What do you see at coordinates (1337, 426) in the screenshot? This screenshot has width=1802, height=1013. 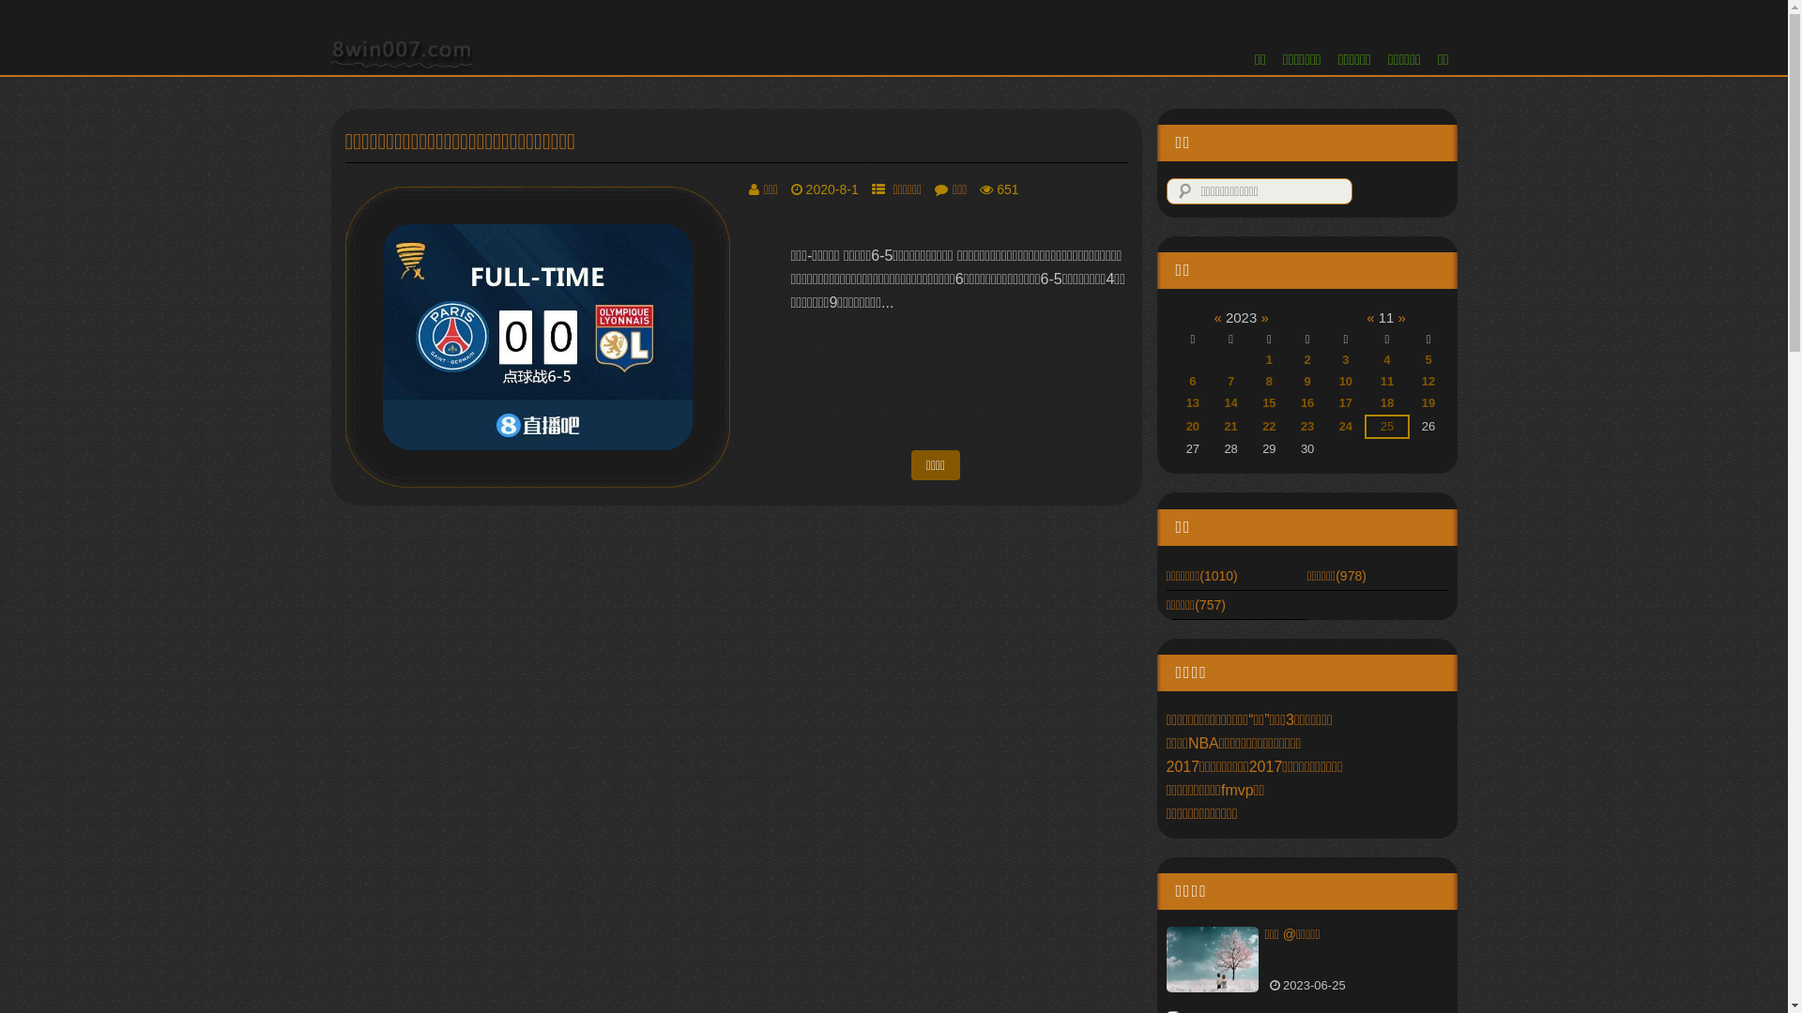 I see `'24'` at bounding box center [1337, 426].